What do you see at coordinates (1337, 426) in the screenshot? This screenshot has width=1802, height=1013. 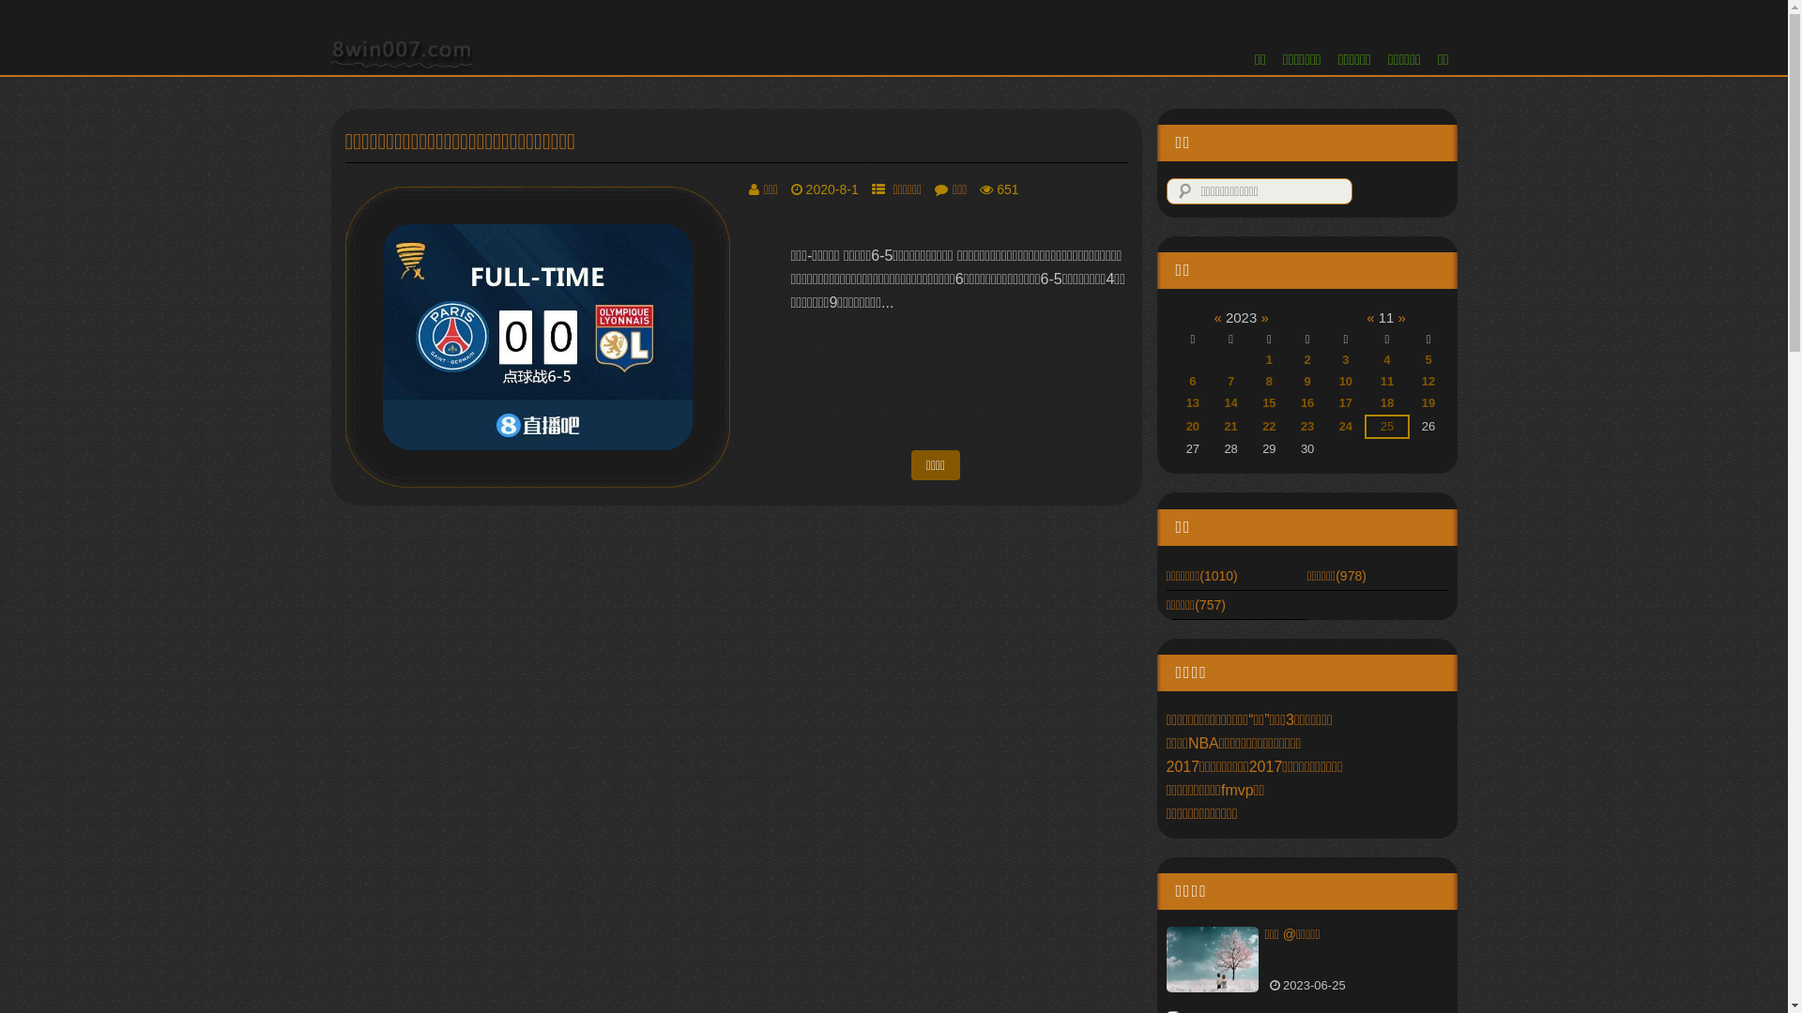 I see `'24'` at bounding box center [1337, 426].